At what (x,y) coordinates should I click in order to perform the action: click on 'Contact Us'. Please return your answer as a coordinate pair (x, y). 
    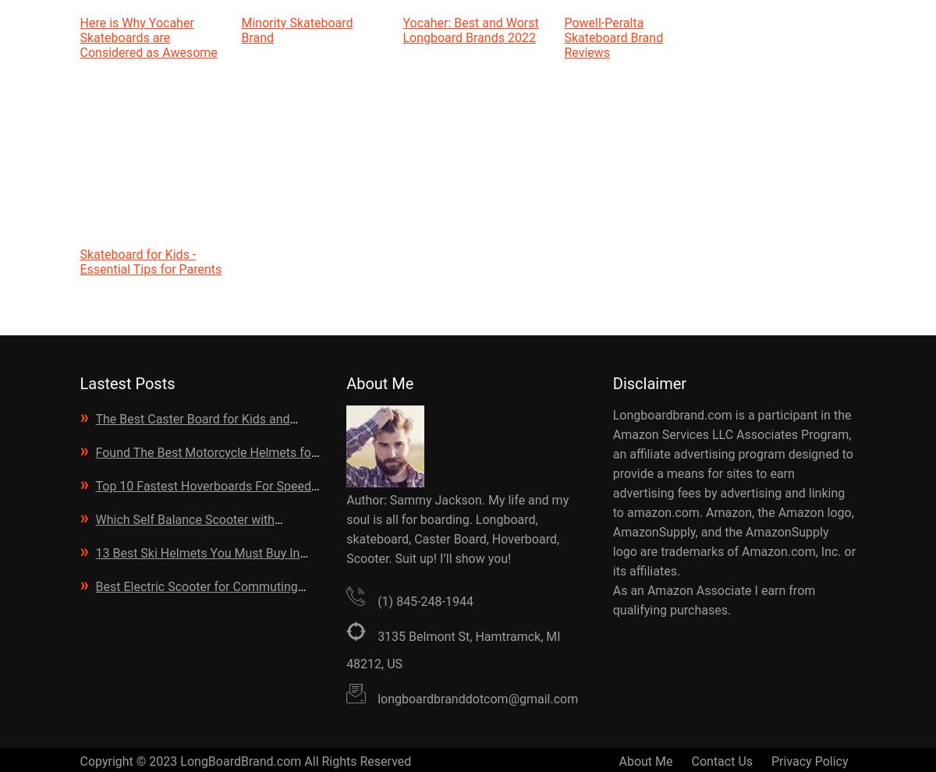
    Looking at the image, I should click on (721, 761).